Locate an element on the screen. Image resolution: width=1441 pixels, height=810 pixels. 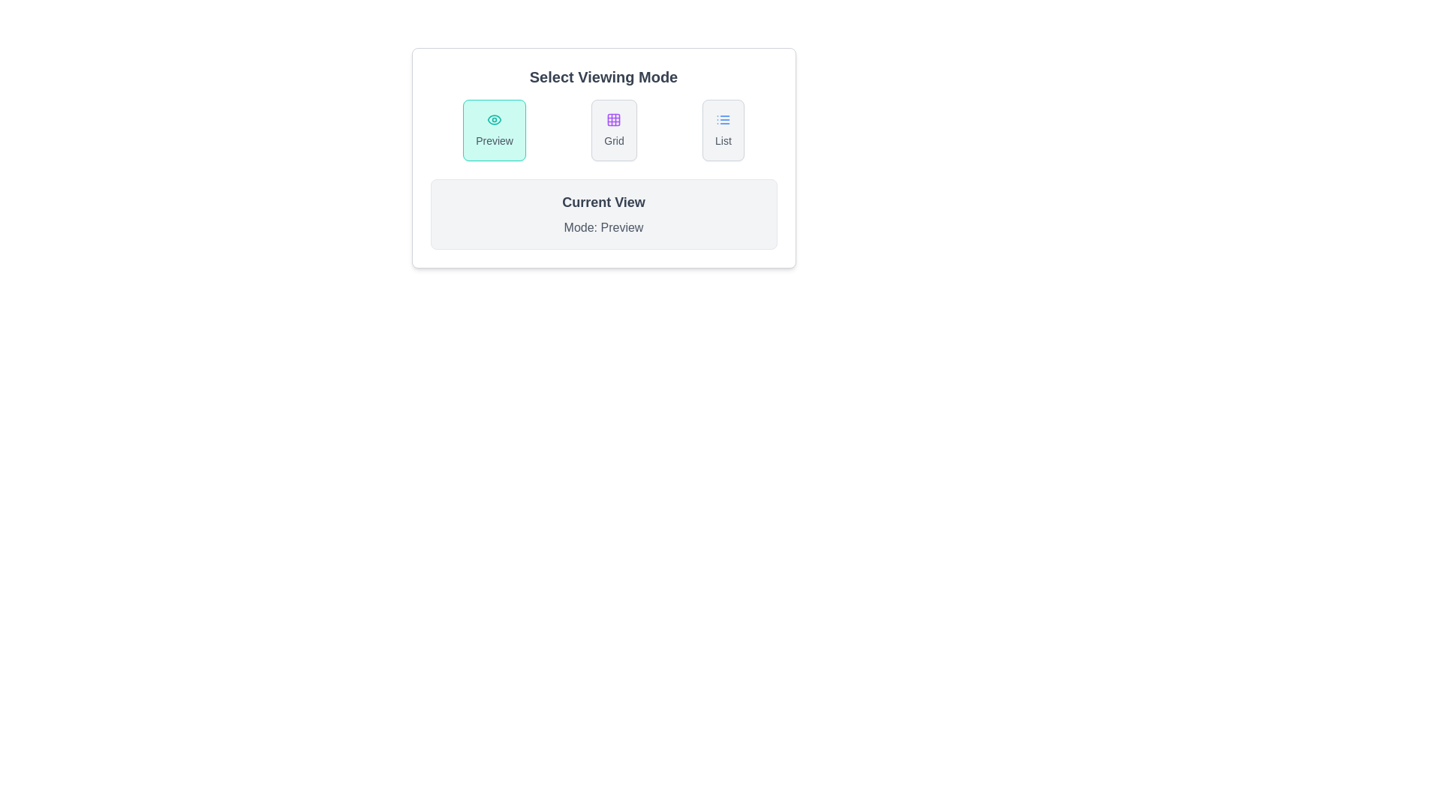
the 'List' label, which is a medium-small gray text located below the list icon on the rightmost side of a button-like structure is located at coordinates (723, 141).